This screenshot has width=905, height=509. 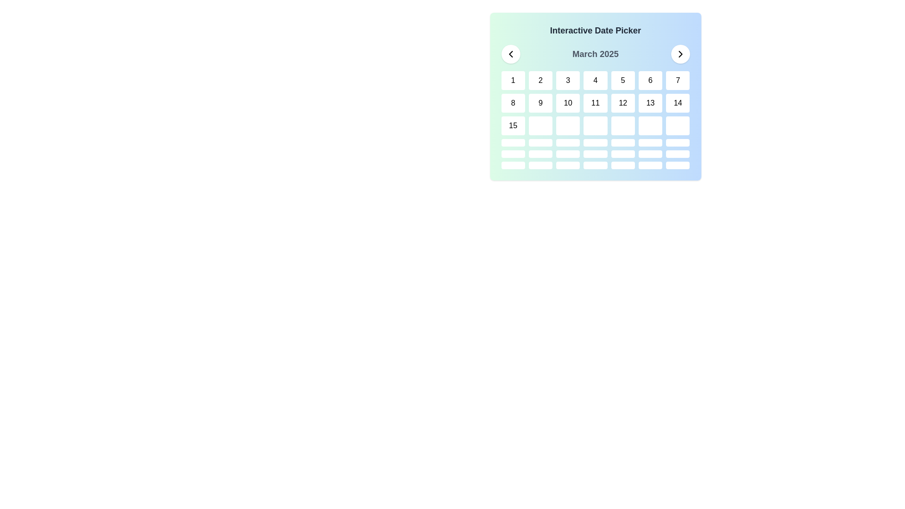 I want to click on the third empty box, so click(x=568, y=143).